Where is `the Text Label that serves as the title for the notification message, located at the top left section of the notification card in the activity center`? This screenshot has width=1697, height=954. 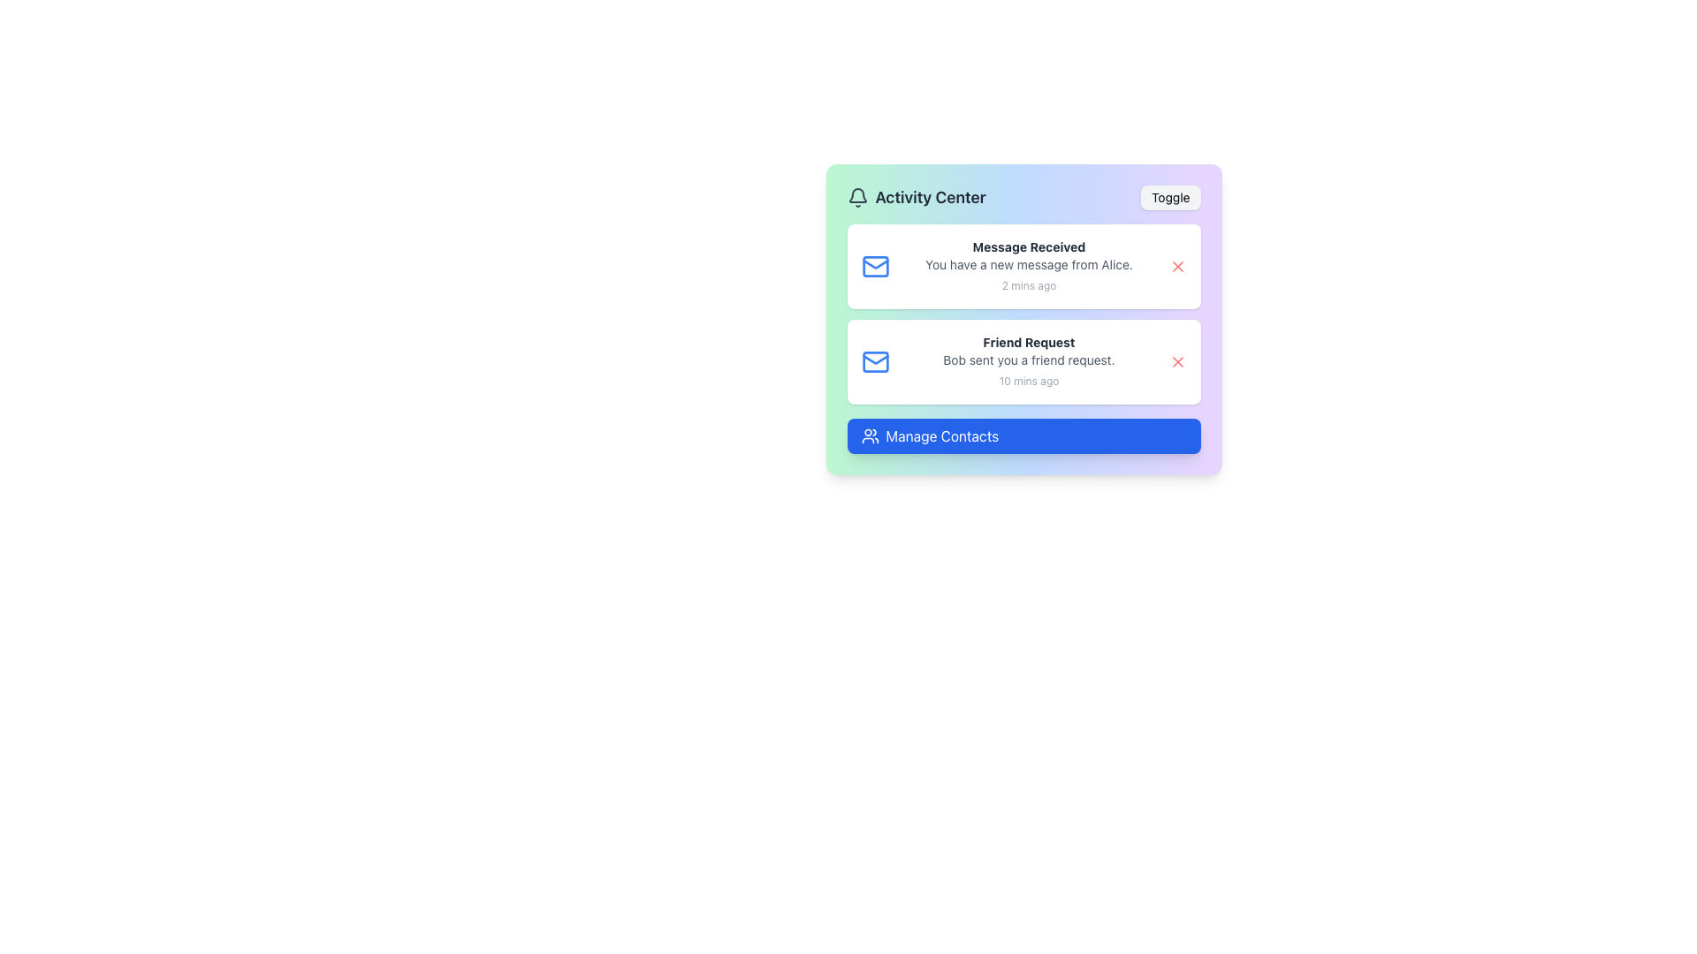
the Text Label that serves as the title for the notification message, located at the top left section of the notification card in the activity center is located at coordinates (1029, 247).